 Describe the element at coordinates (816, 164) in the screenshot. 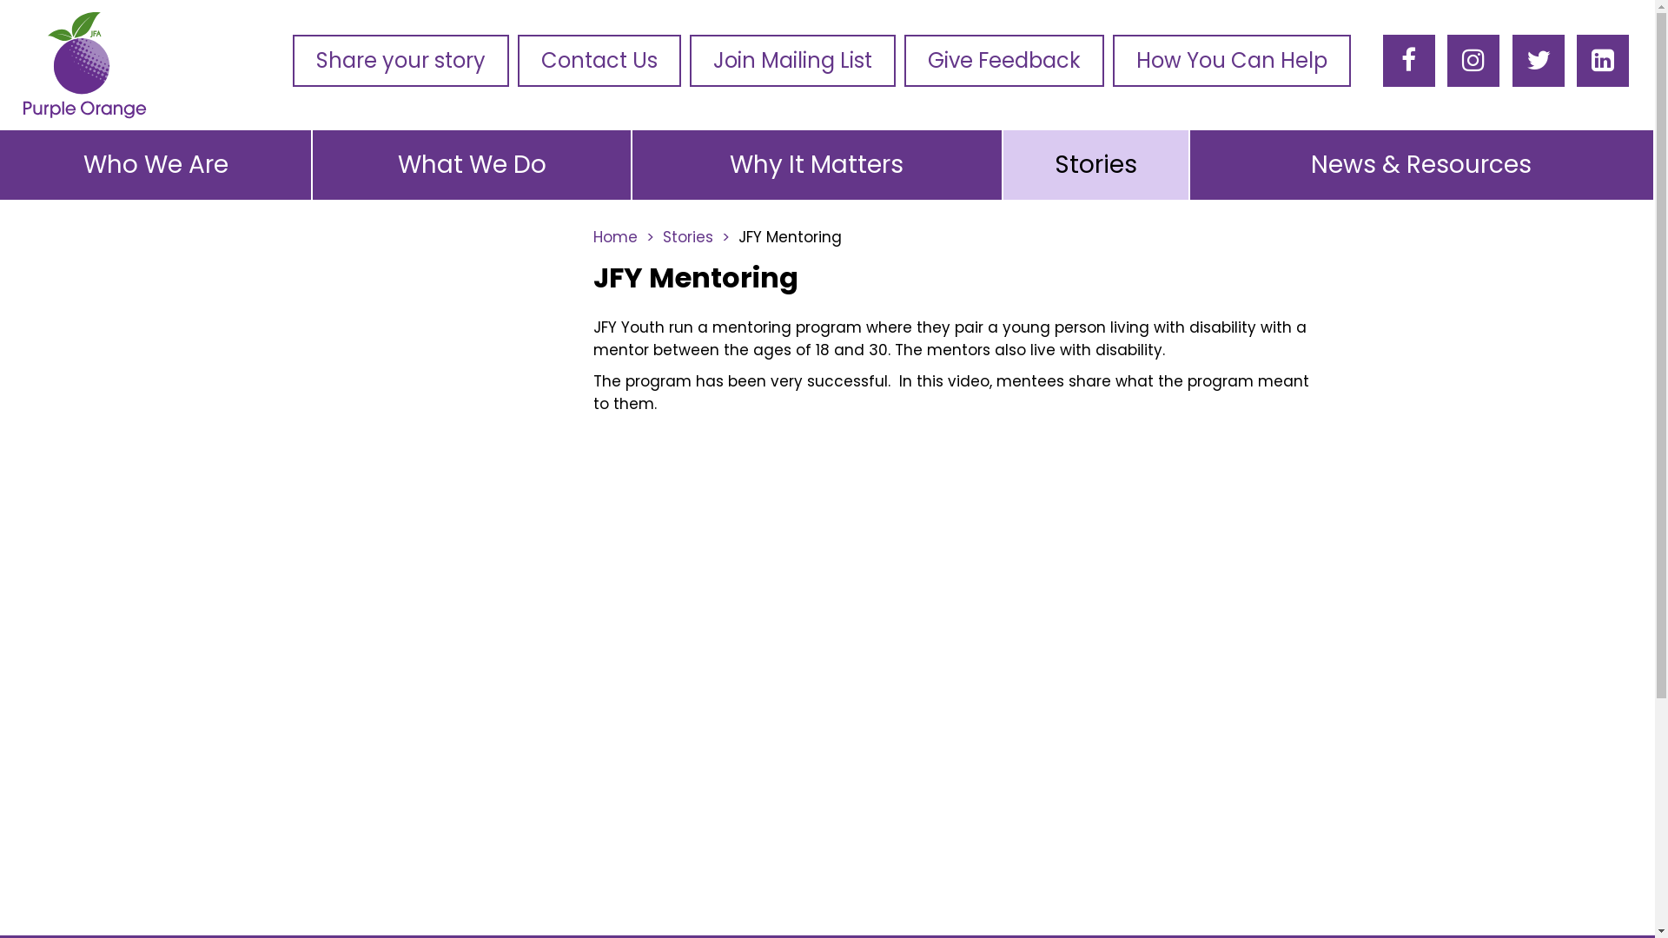

I see `'Why It Matters'` at that location.